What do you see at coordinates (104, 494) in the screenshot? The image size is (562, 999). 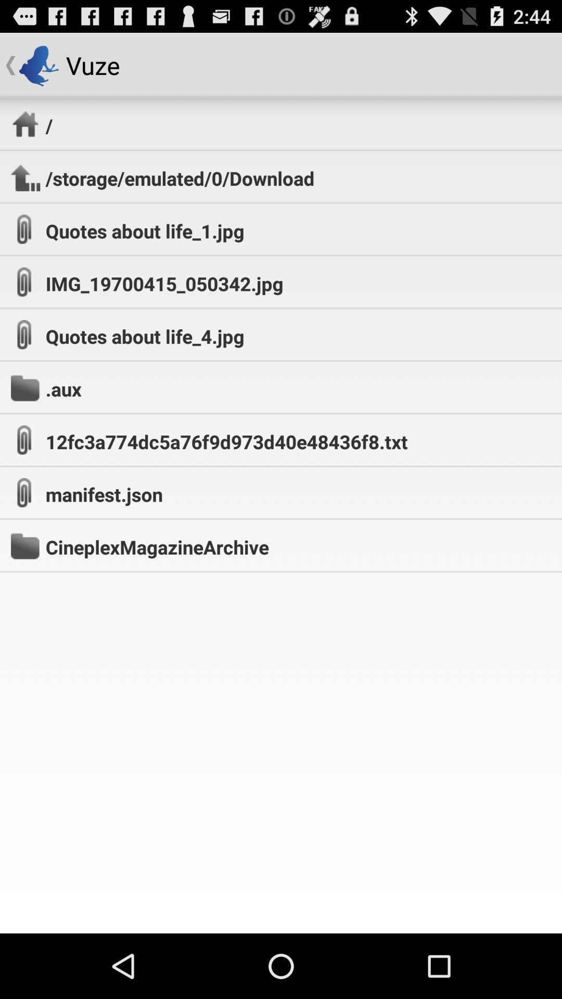 I see `manifest.json` at bounding box center [104, 494].